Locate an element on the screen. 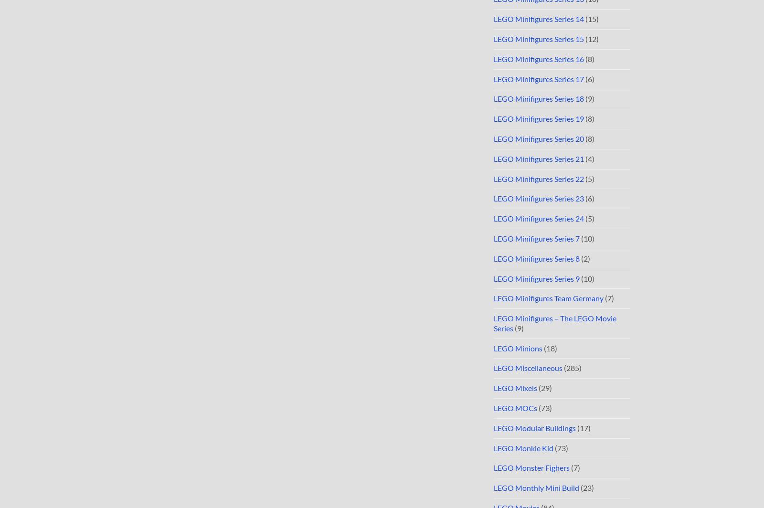  'LEGO Modular Buildings' is located at coordinates (535, 427).